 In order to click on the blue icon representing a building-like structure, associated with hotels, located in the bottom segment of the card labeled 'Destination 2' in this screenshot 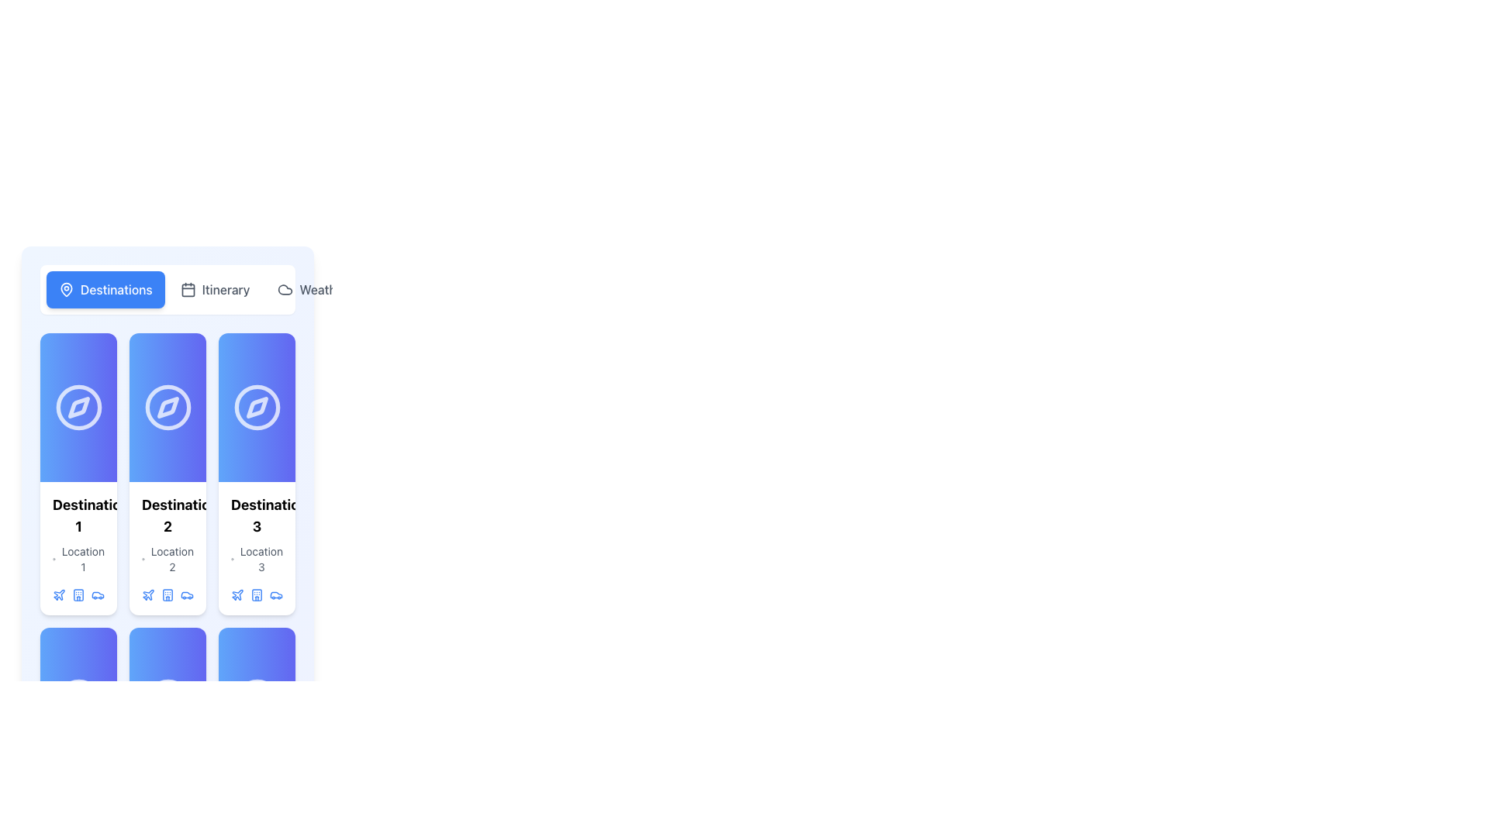, I will do `click(168, 594)`.